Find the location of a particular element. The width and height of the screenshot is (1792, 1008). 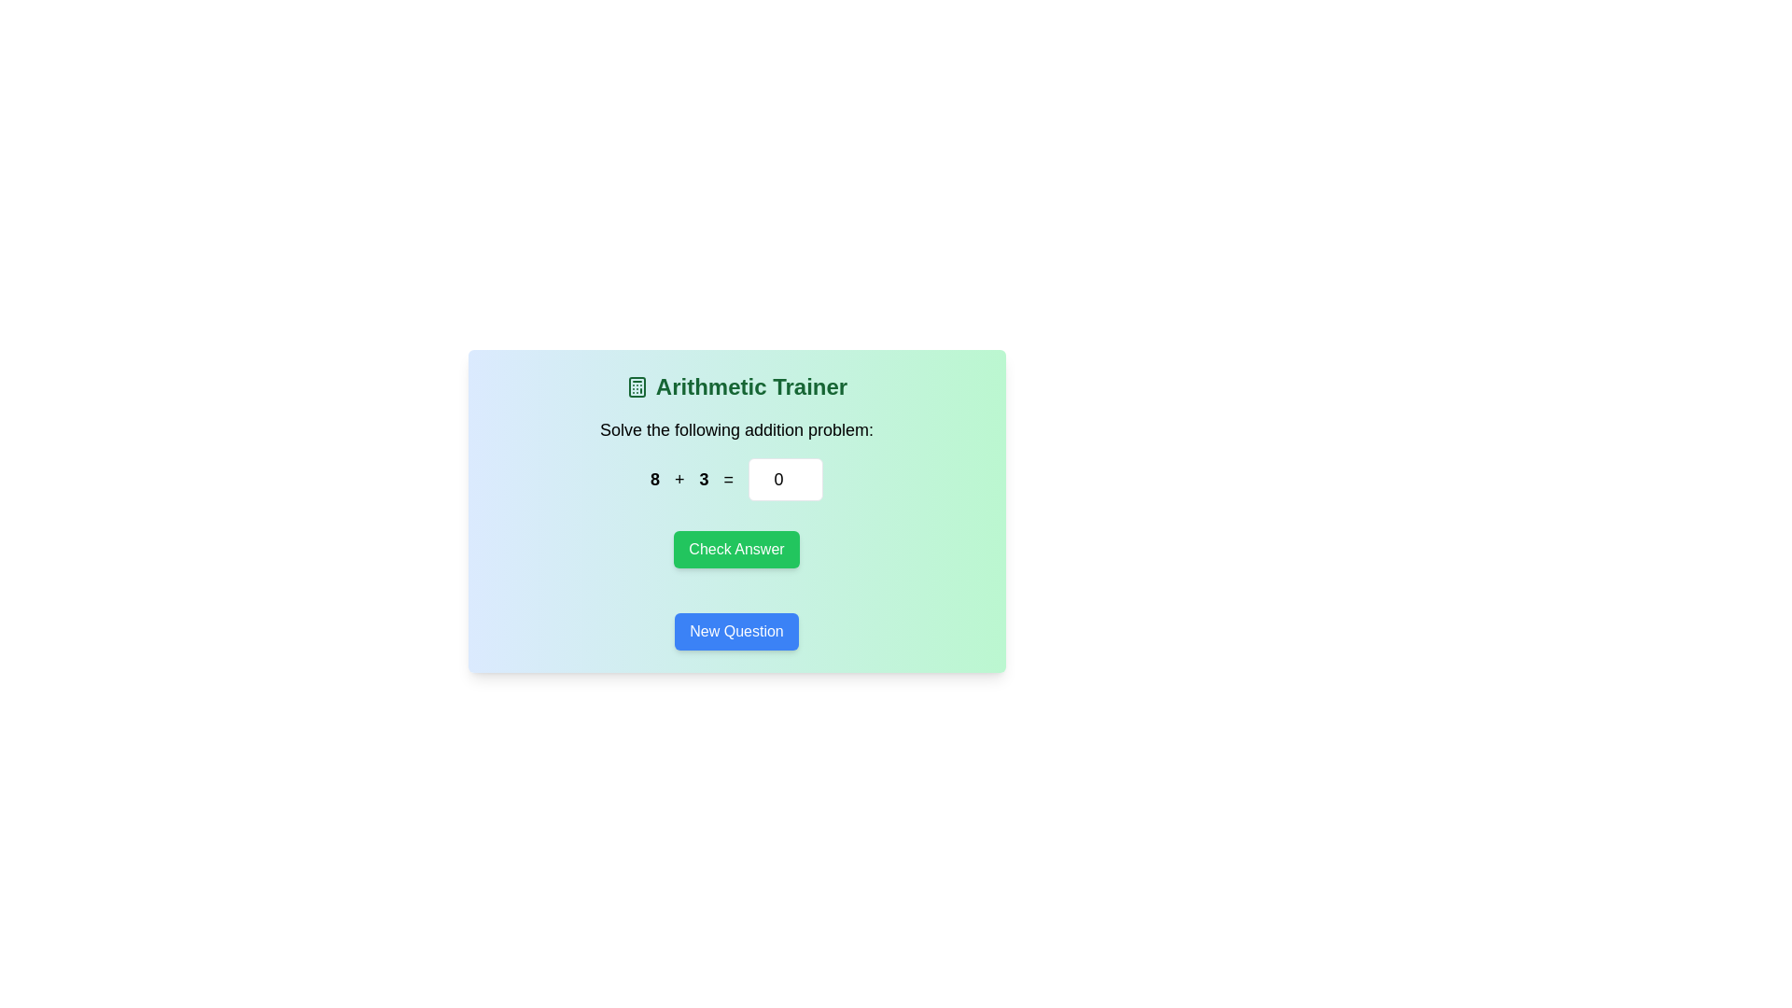

the first numeral '8' in the arithmetic expression '8 + 3 = 0', which is located to the immediate left of the '+' operator is located at coordinates (654, 478).